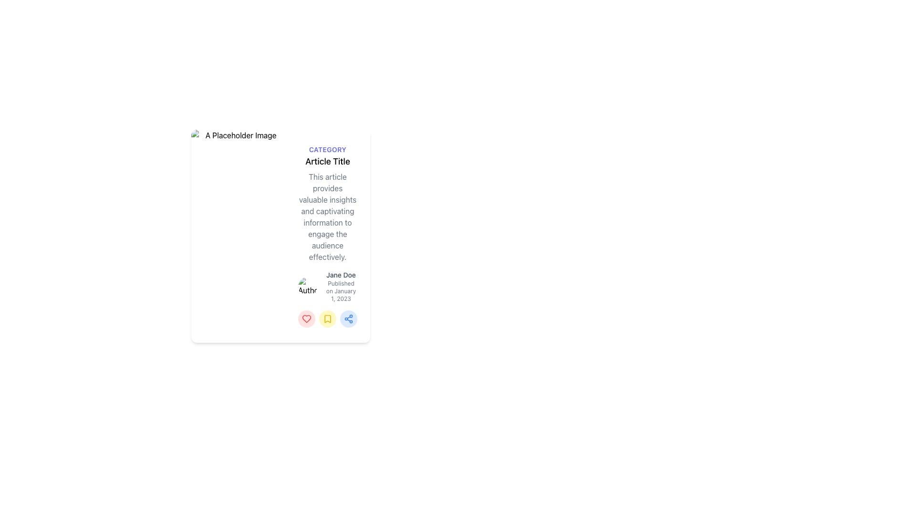 The height and width of the screenshot is (515, 916). Describe the element at coordinates (307, 286) in the screenshot. I see `the author's profile image, which visually represents the author, from its current position` at that location.